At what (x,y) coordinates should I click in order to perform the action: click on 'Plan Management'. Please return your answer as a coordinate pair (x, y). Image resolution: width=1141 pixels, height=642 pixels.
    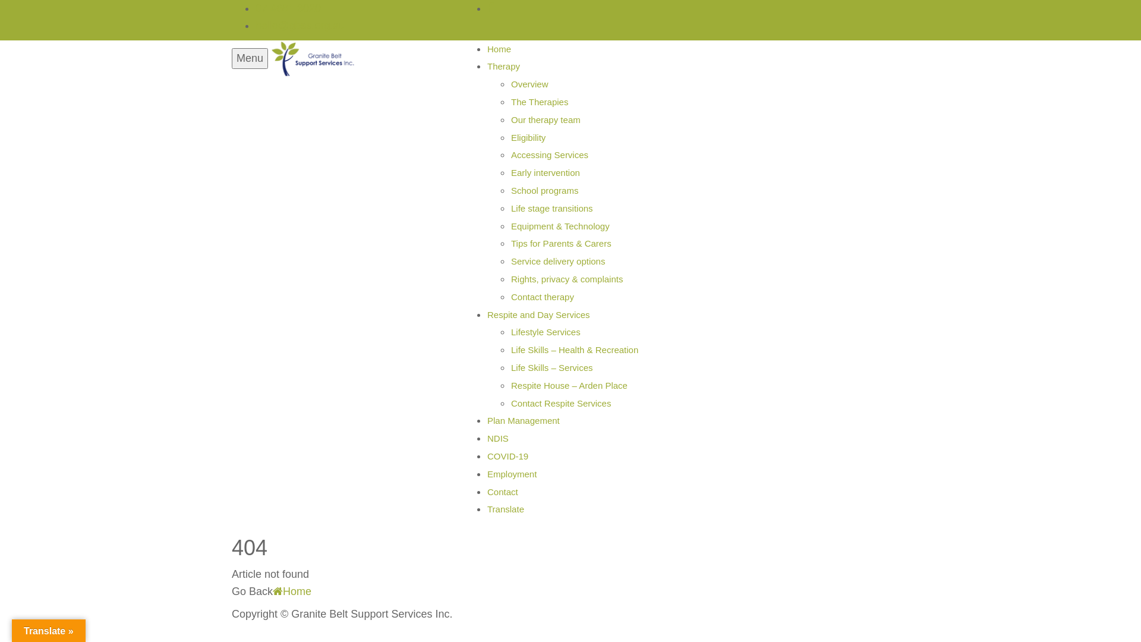
    Looking at the image, I should click on (523, 420).